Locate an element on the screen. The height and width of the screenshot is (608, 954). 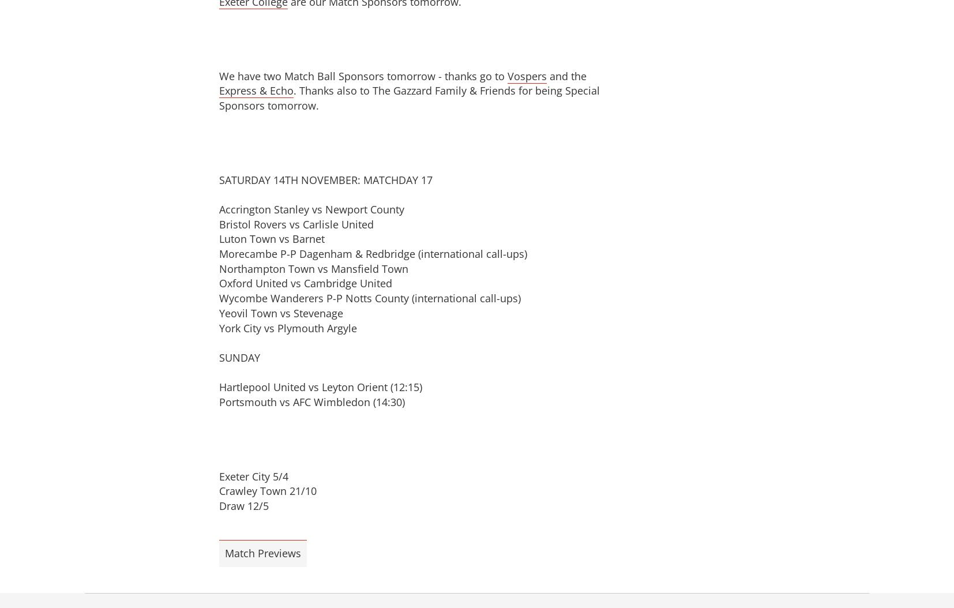
'Morecambe P-P Dagenham & Redbridge (international call-ups)' is located at coordinates (373, 254).